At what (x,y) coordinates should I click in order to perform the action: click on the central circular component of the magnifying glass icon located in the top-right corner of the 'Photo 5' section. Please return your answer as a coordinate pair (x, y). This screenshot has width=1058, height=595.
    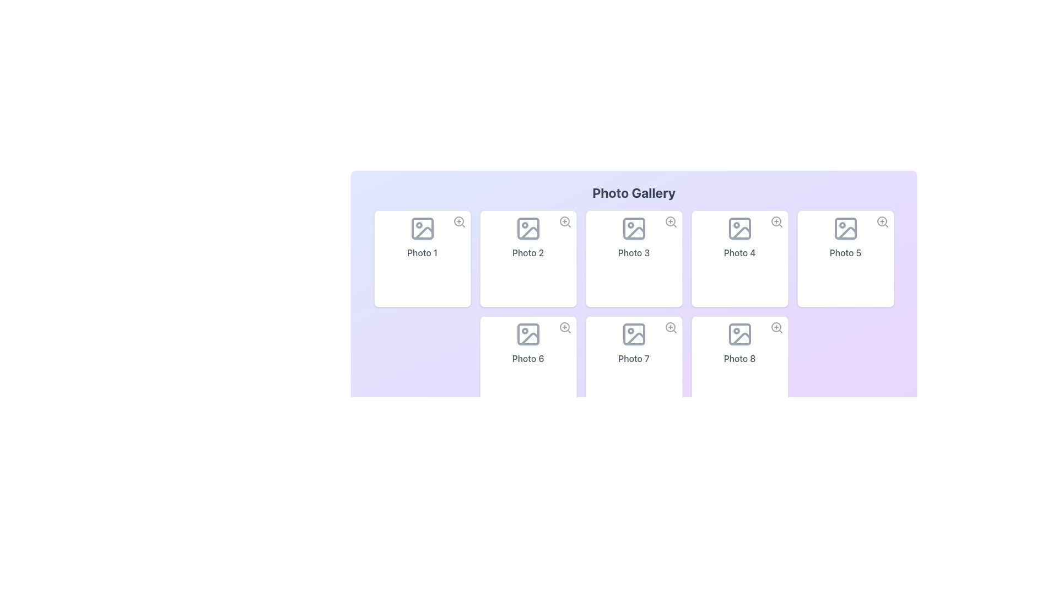
    Looking at the image, I should click on (882, 221).